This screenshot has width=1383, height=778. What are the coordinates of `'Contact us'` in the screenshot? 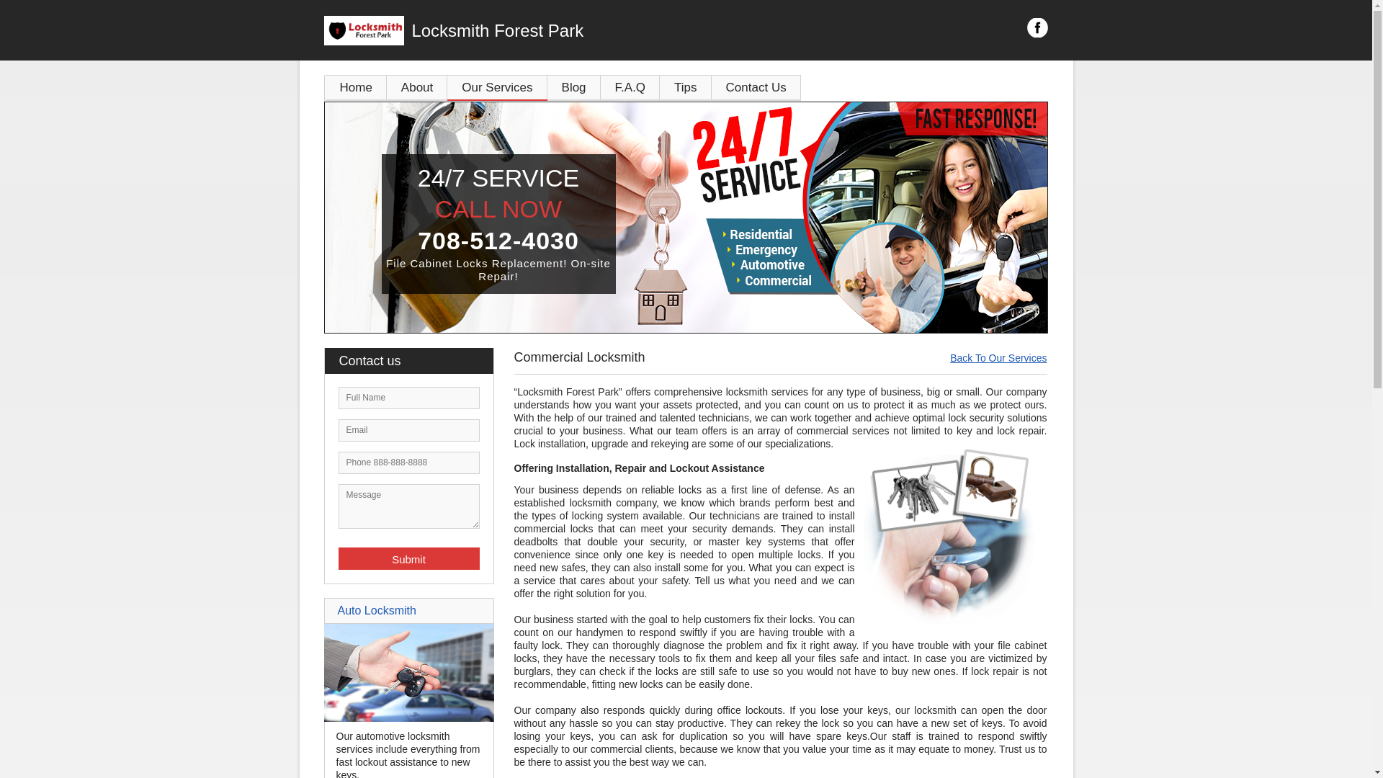 It's located at (414, 360).